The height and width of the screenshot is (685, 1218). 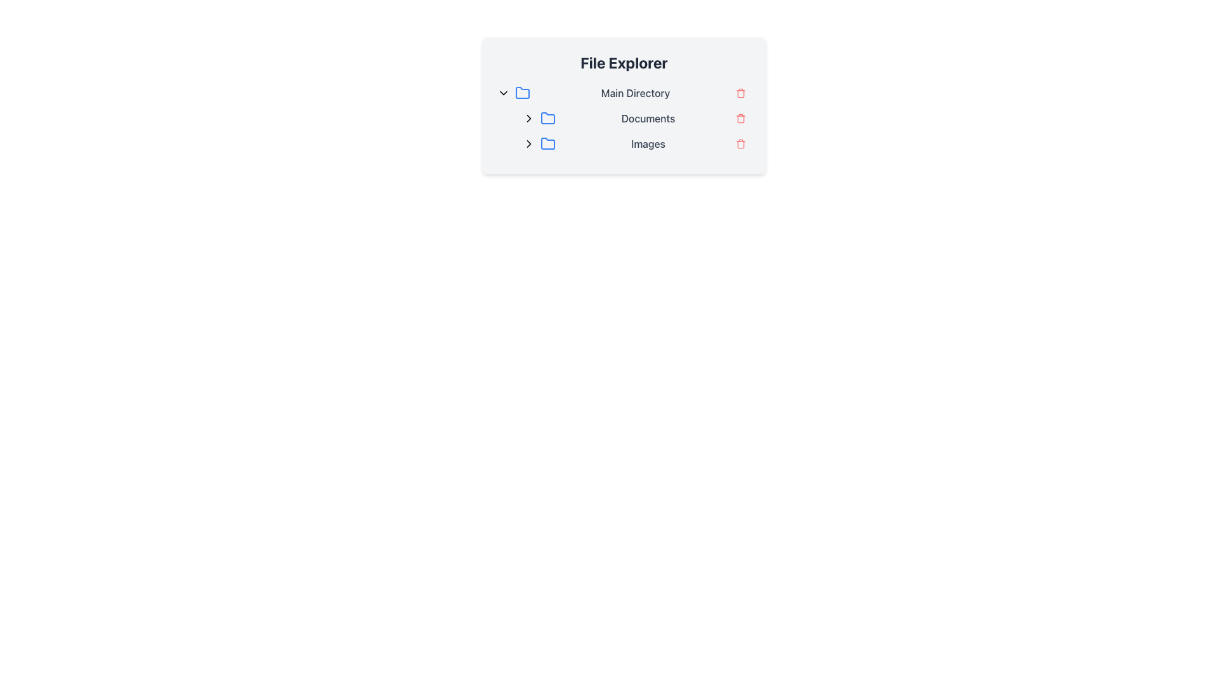 What do you see at coordinates (629, 118) in the screenshot?
I see `to select the 'Documents' folder in the File Explorer, which is the second folder listing between 'Main Directory' and 'Images'` at bounding box center [629, 118].